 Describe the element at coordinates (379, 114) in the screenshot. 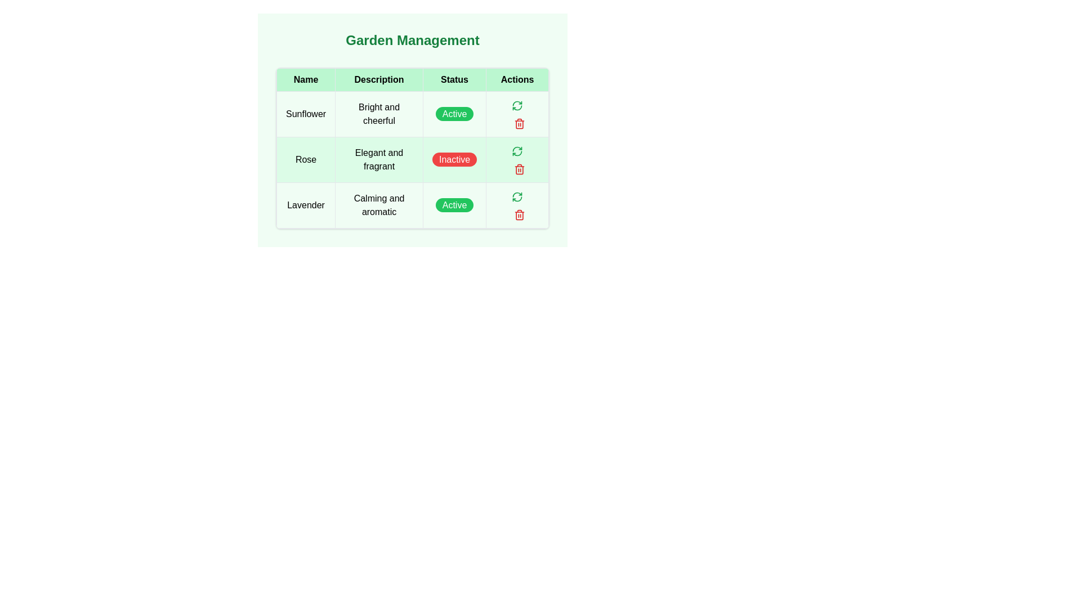

I see `the descriptive text element for 'Sunflower' located in the second column of the first row in the table` at that location.